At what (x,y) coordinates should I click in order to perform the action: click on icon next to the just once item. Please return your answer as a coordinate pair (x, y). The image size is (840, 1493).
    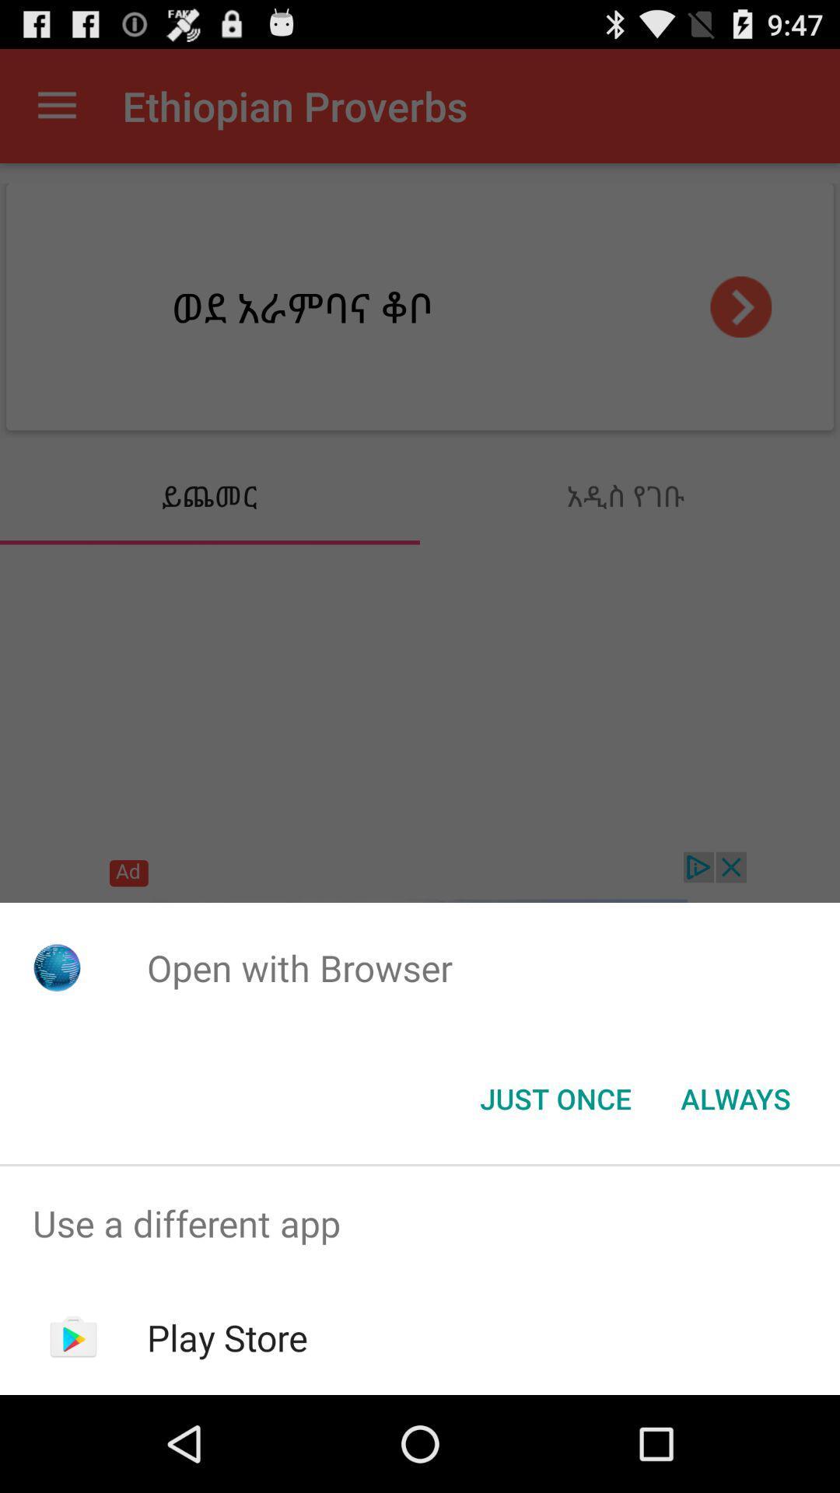
    Looking at the image, I should click on (735, 1097).